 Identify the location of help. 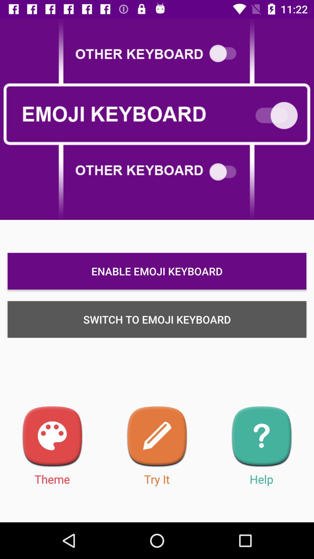
(261, 437).